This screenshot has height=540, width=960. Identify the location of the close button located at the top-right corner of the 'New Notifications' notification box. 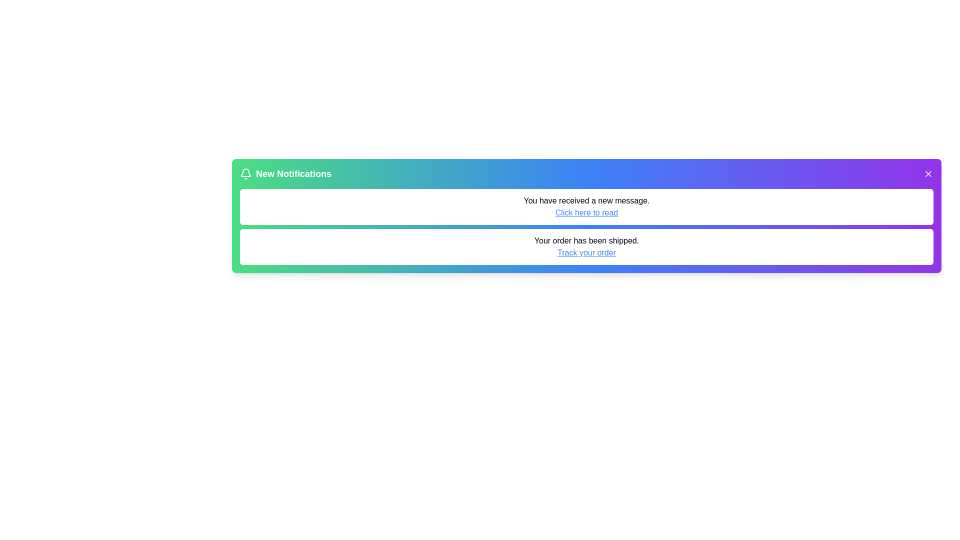
(928, 173).